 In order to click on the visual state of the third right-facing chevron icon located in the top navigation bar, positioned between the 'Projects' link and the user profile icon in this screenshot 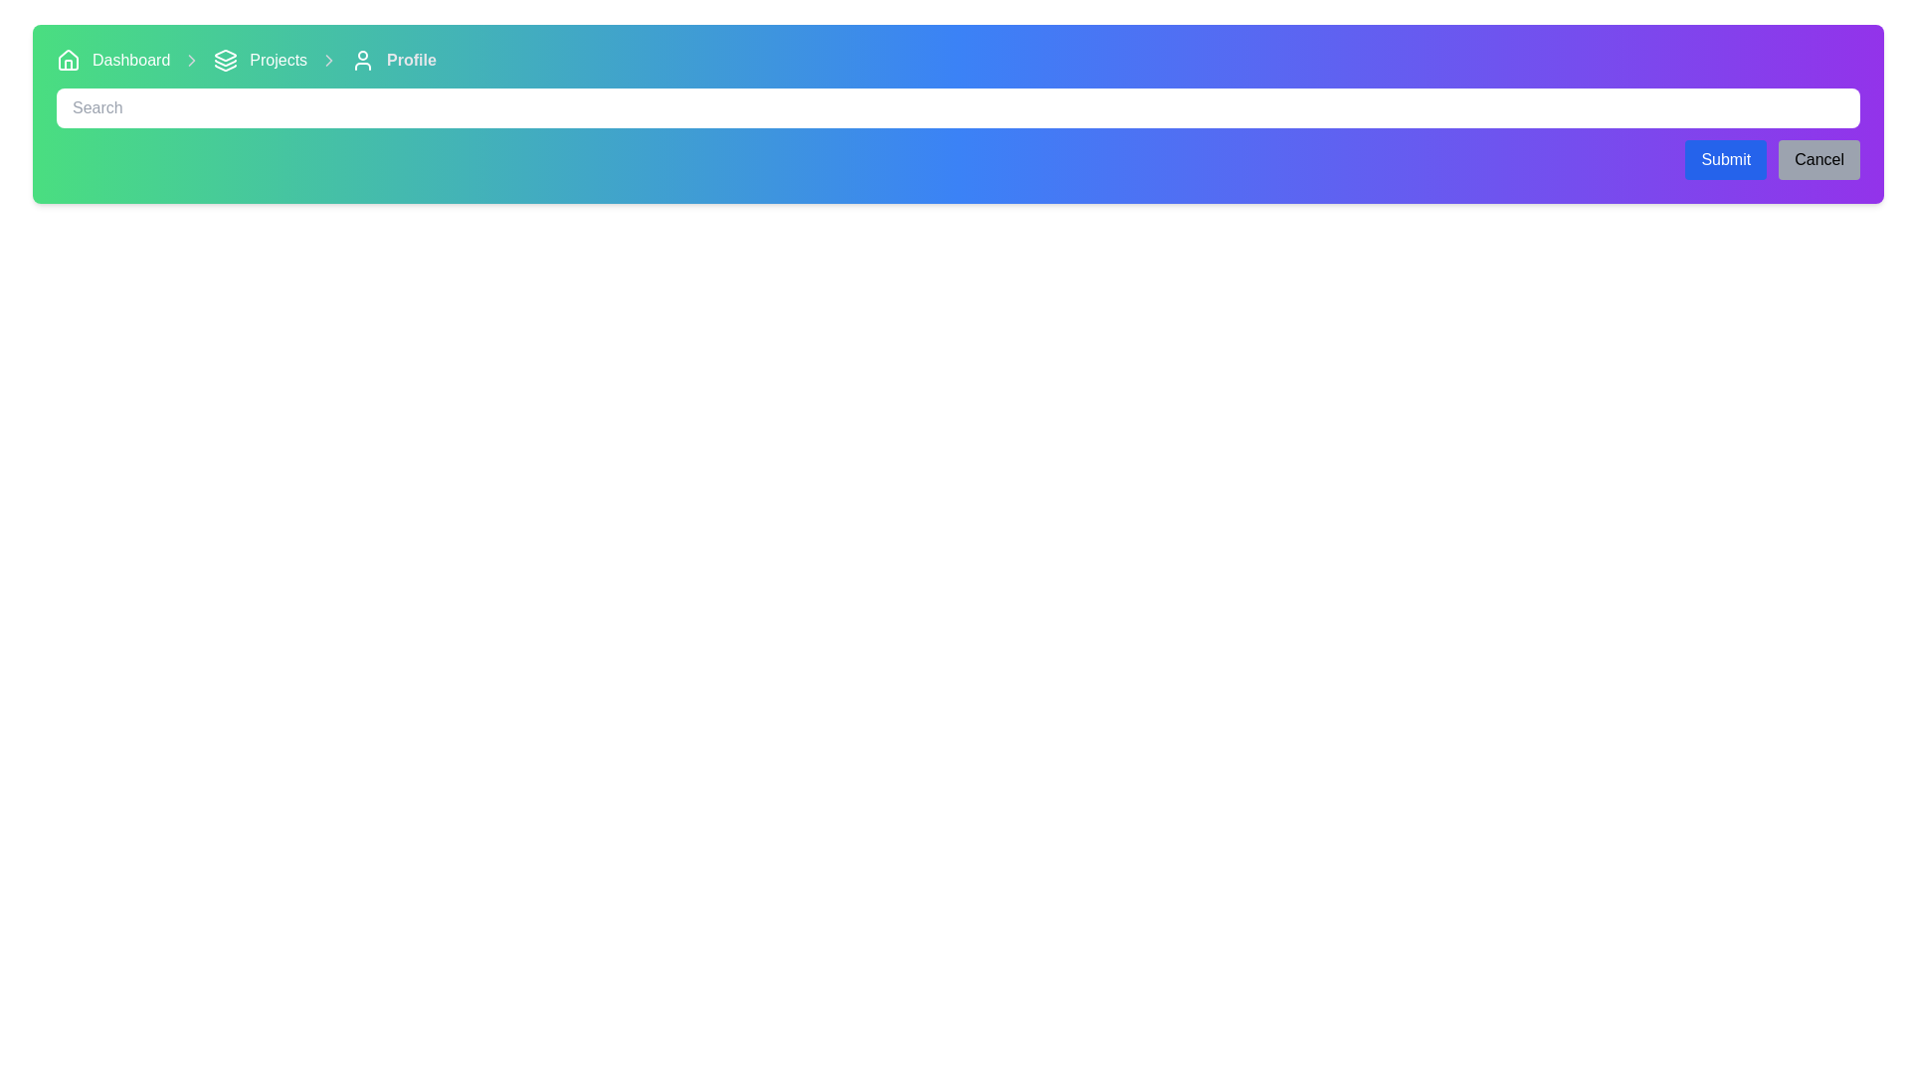, I will do `click(329, 60)`.